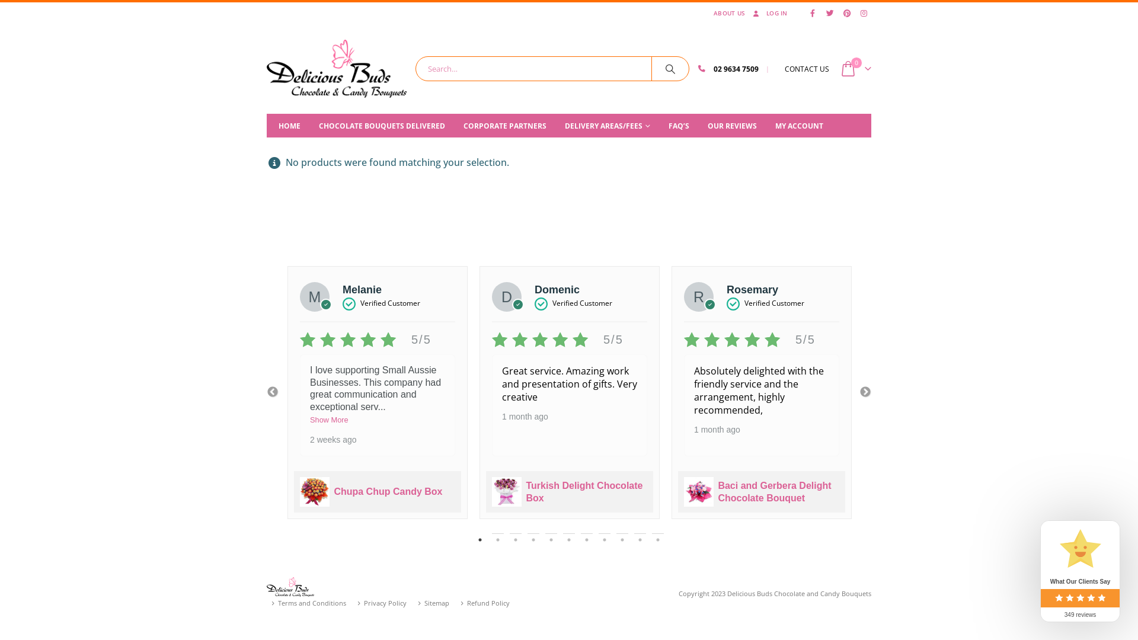 Image resolution: width=1138 pixels, height=640 pixels. What do you see at coordinates (670, 68) in the screenshot?
I see `'Search'` at bounding box center [670, 68].